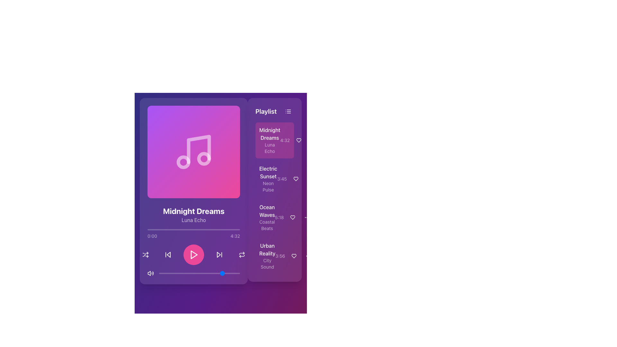 Image resolution: width=617 pixels, height=347 pixels. I want to click on the third item in the playlist titled 'Ocean Waves', so click(274, 217).